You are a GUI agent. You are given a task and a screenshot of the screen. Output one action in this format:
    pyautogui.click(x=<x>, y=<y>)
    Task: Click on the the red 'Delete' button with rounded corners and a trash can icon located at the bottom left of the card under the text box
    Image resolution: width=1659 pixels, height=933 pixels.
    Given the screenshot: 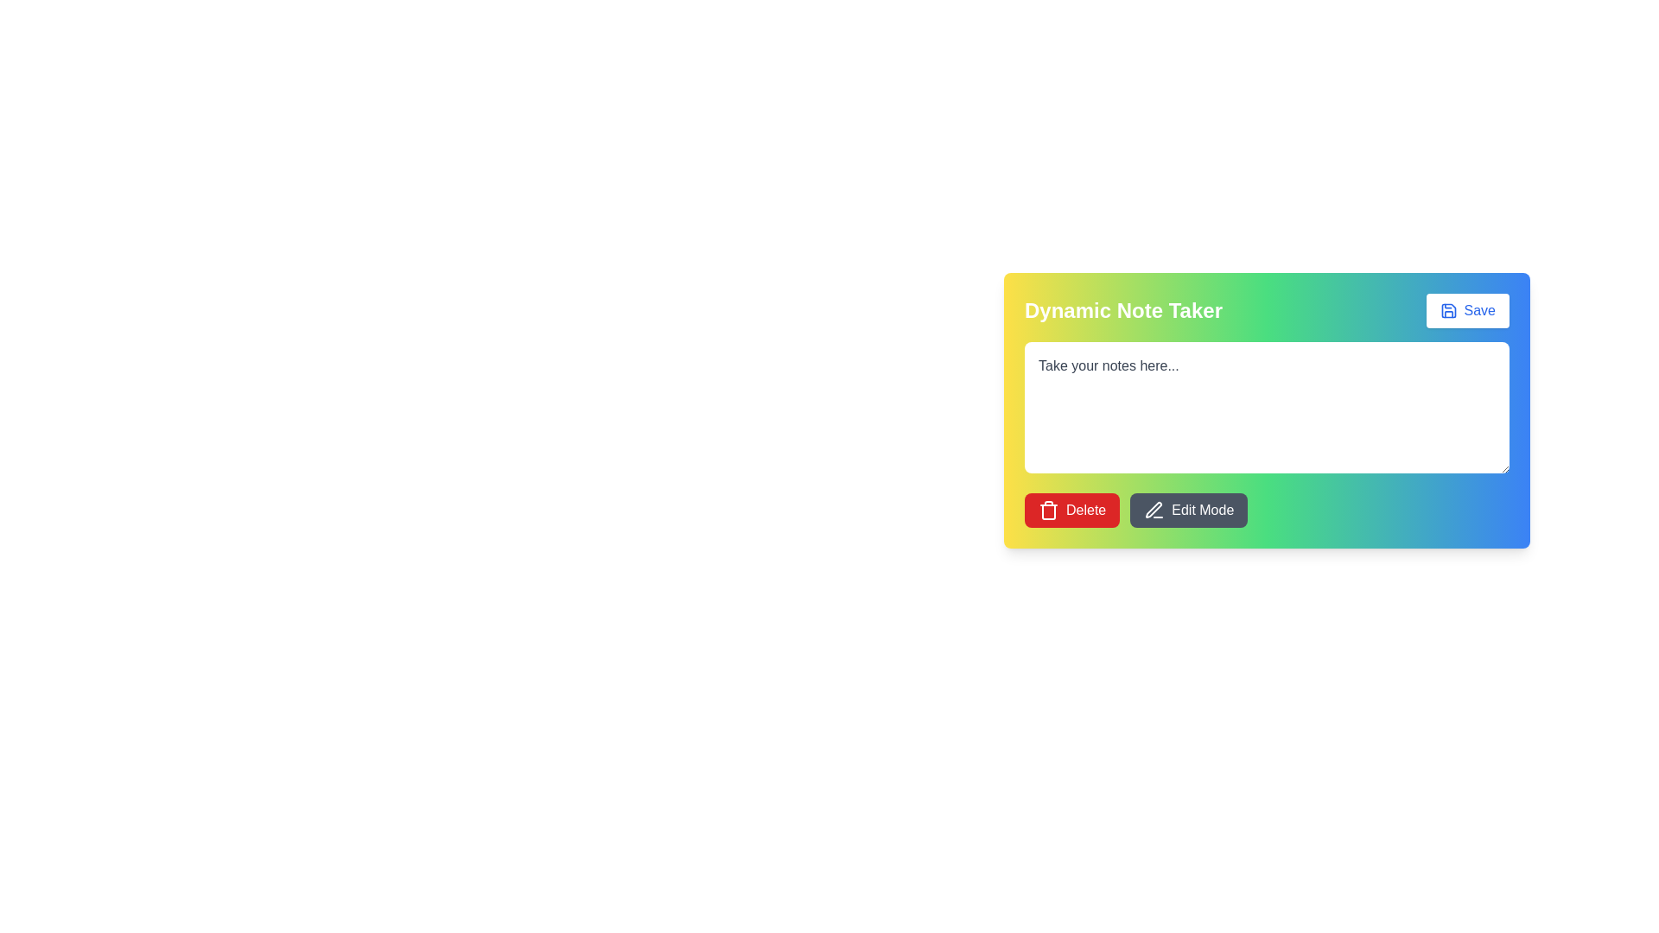 What is the action you would take?
    pyautogui.click(x=1071, y=509)
    